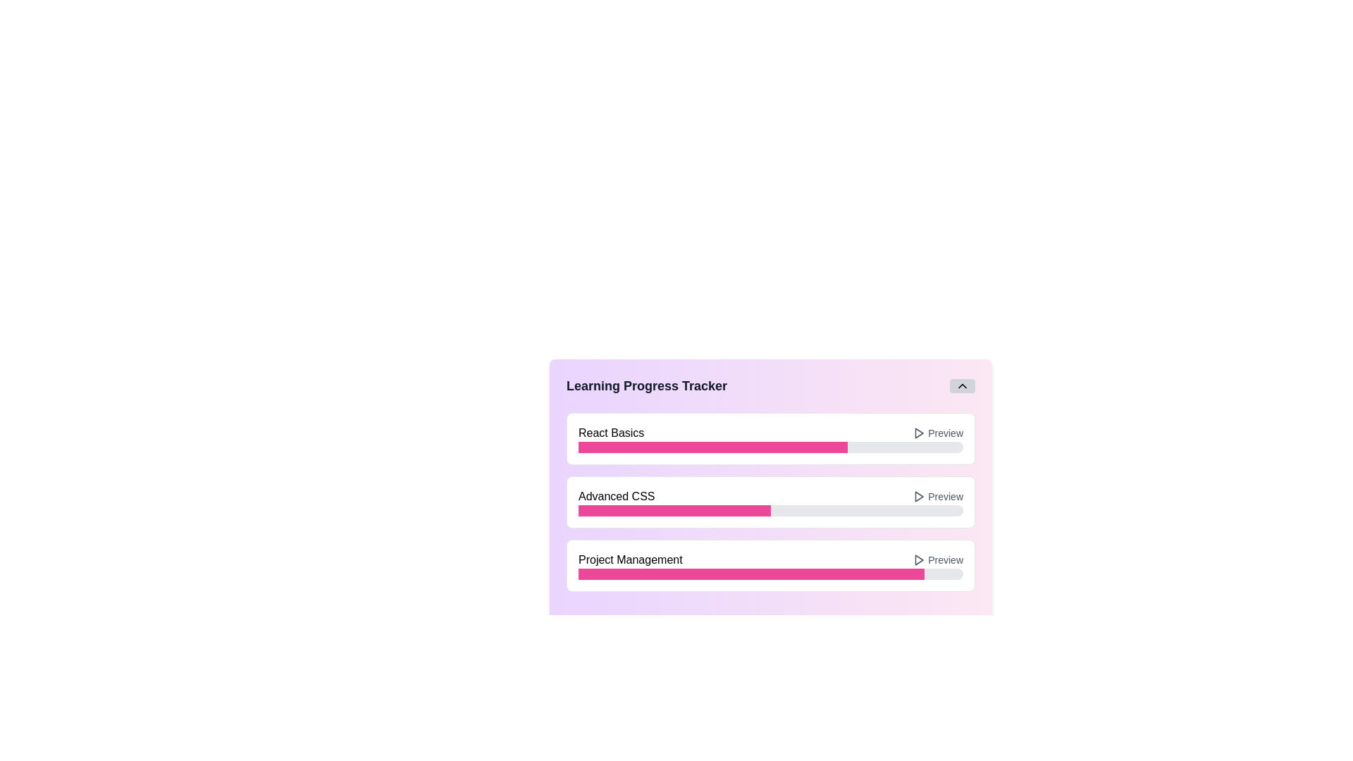 This screenshot has width=1353, height=761. Describe the element at coordinates (770, 478) in the screenshot. I see `the progress bar that visually tracks the user's progress in the 'Advanced CSS' module for interaction` at that location.